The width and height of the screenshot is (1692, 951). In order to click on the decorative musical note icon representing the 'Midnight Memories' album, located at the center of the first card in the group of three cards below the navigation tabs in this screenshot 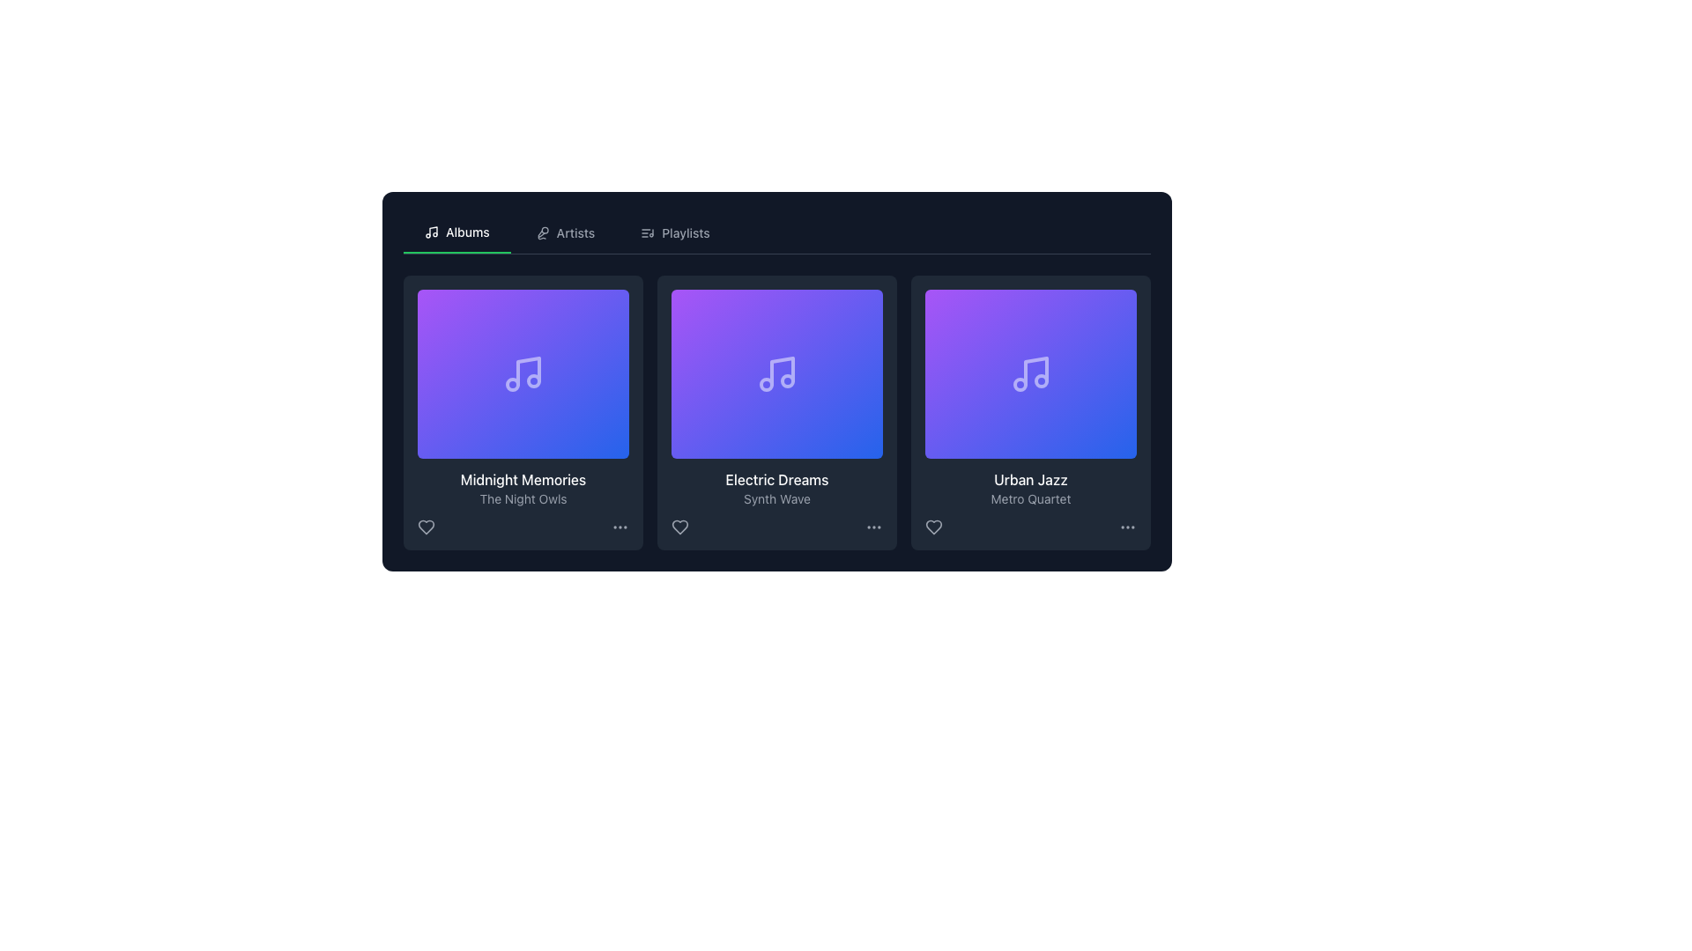, I will do `click(528, 370)`.